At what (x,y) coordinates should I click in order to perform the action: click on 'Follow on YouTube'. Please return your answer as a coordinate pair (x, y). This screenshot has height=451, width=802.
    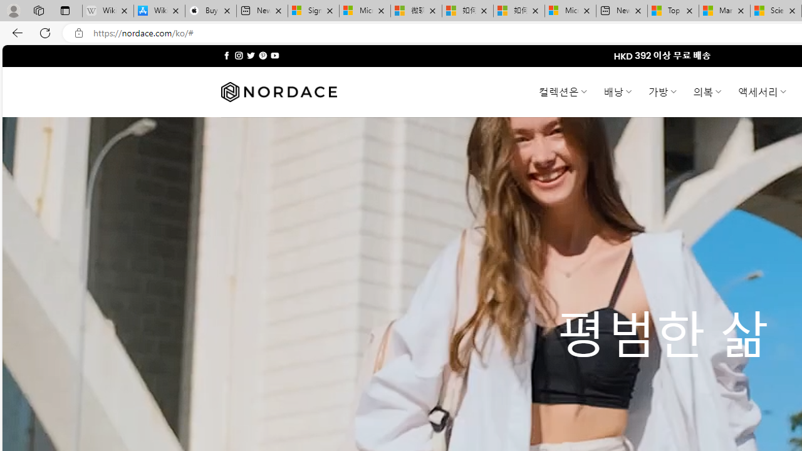
    Looking at the image, I should click on (274, 55).